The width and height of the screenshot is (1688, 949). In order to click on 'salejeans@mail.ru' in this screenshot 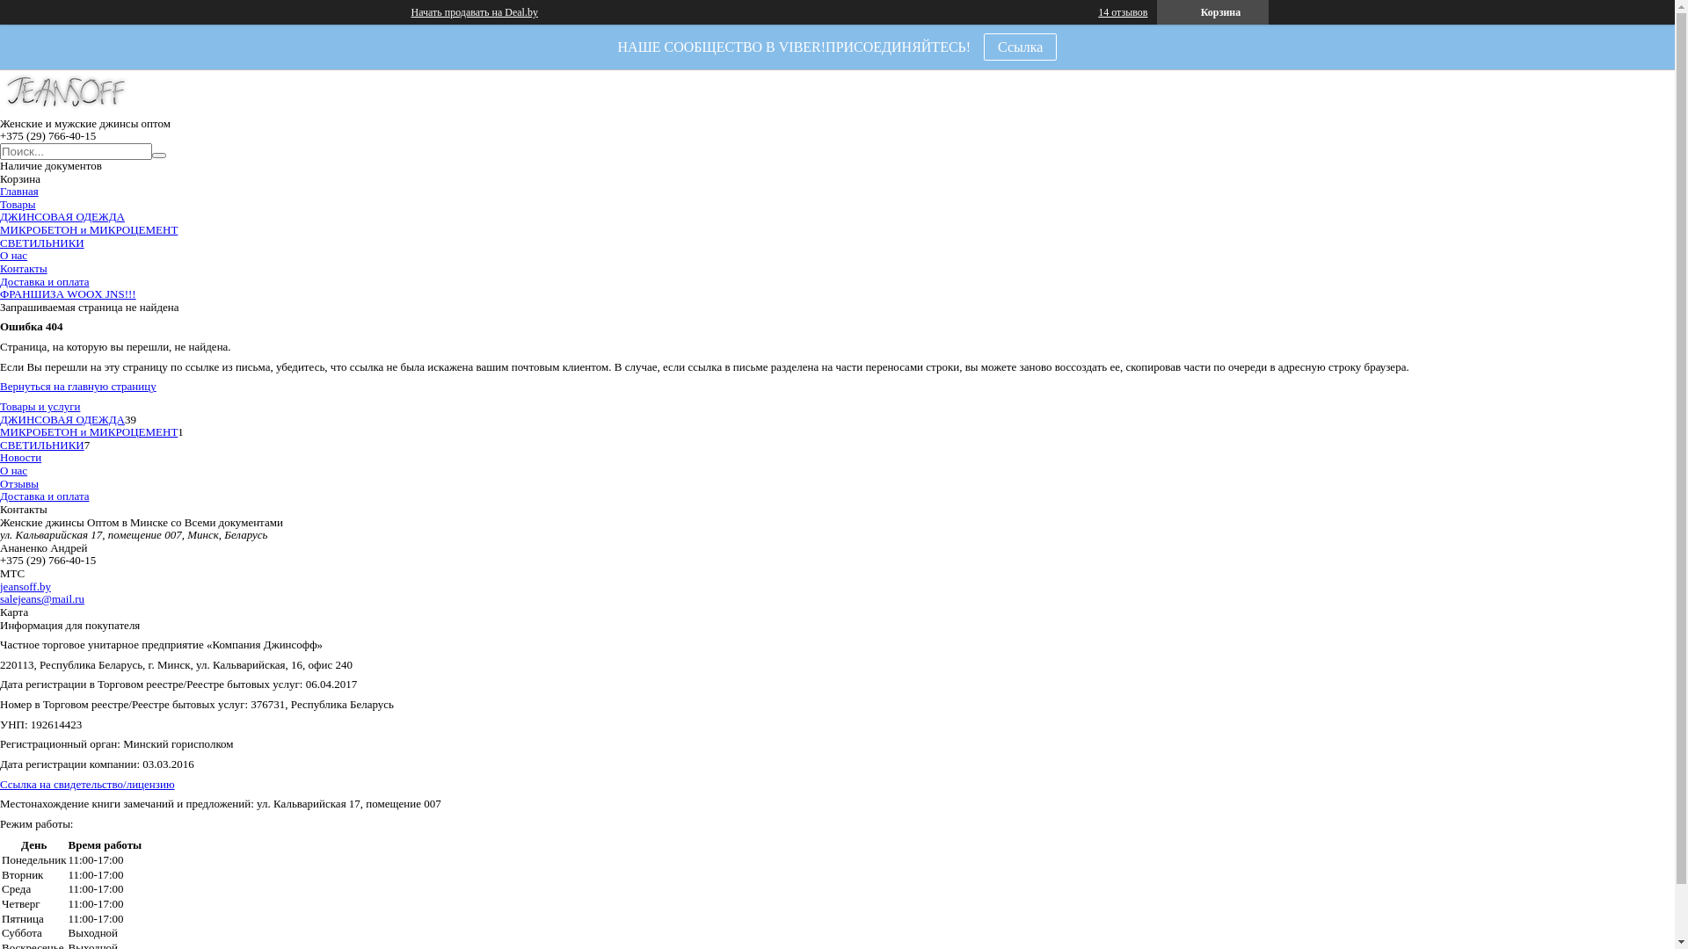, I will do `click(42, 598)`.